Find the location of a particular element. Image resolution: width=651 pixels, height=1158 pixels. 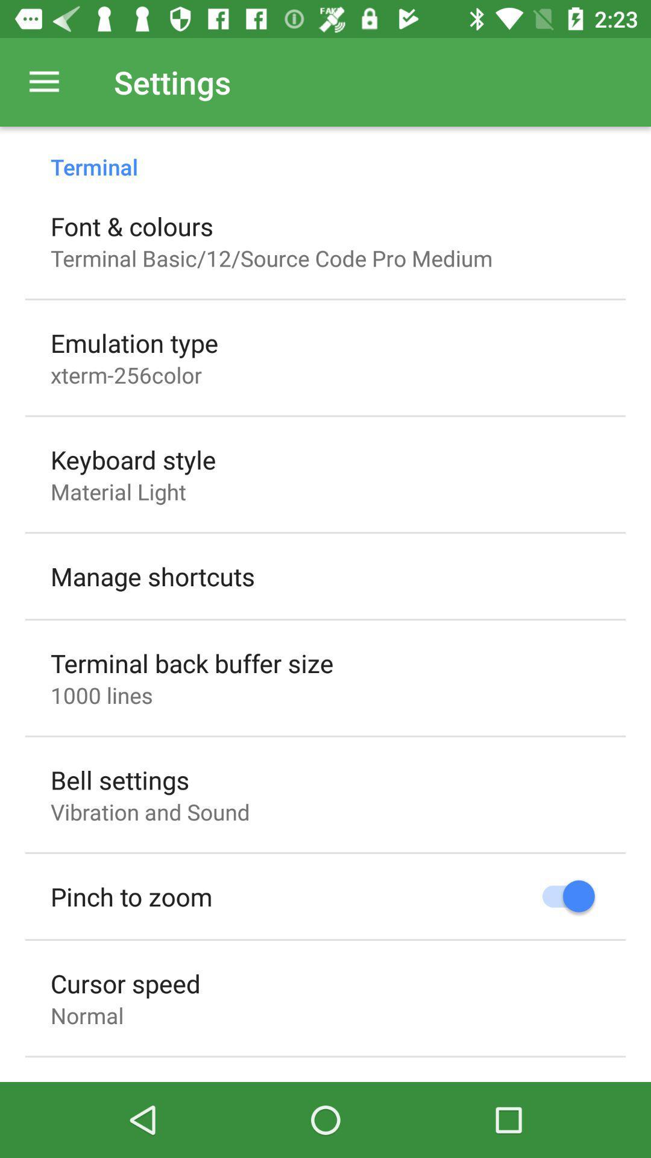

the item above xterm-256color icon is located at coordinates (134, 342).